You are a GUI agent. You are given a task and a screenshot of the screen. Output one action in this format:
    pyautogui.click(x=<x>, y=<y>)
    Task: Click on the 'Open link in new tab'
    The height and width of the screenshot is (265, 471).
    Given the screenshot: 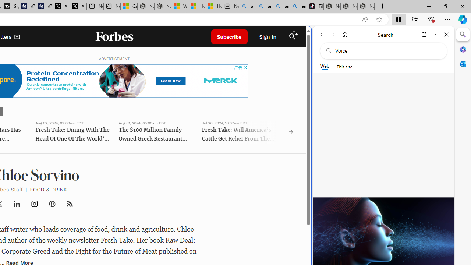 What is the action you would take?
    pyautogui.click(x=424, y=34)
    